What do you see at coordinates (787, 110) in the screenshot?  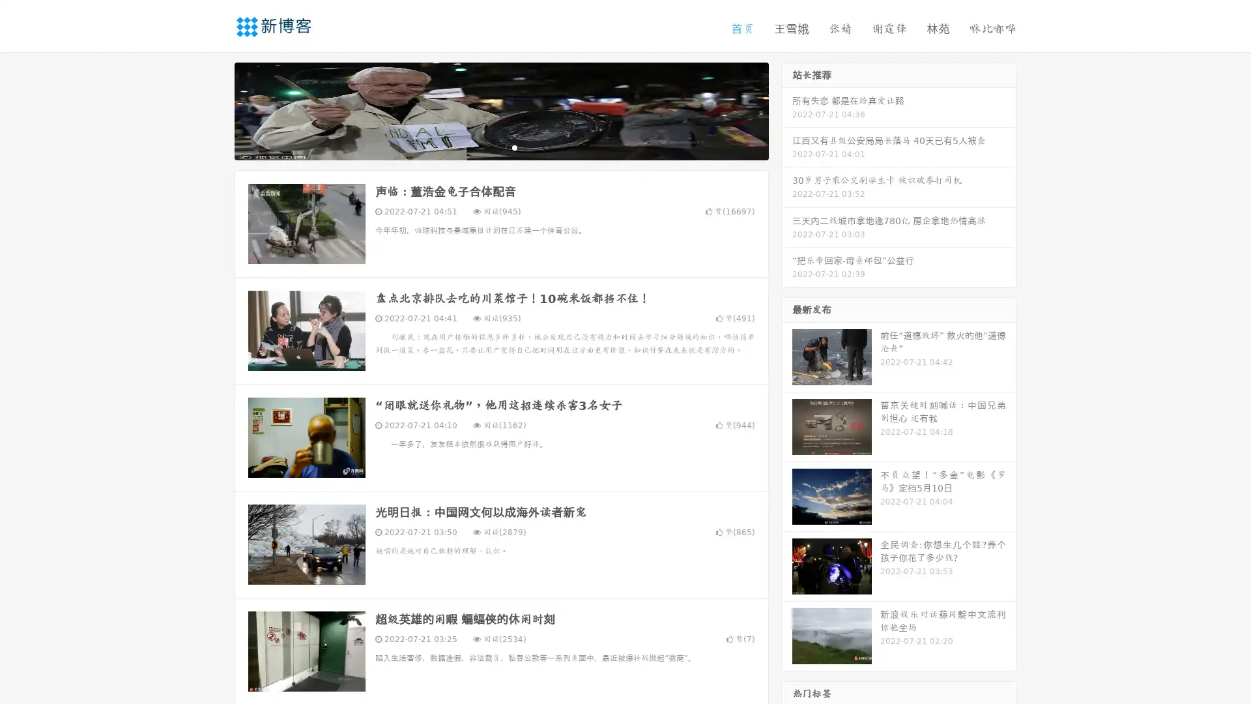 I see `Next slide` at bounding box center [787, 110].